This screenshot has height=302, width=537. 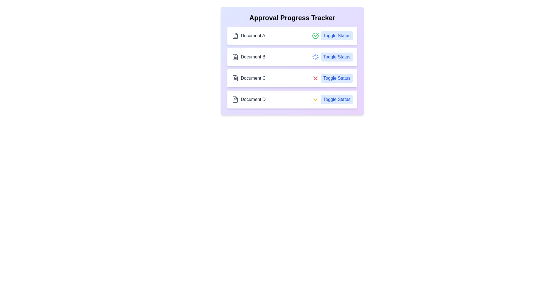 I want to click on the toggle button in the fourth row of the 'Approval Progress Tracker' panel, aligned with the 'Document D' label, so click(x=332, y=99).